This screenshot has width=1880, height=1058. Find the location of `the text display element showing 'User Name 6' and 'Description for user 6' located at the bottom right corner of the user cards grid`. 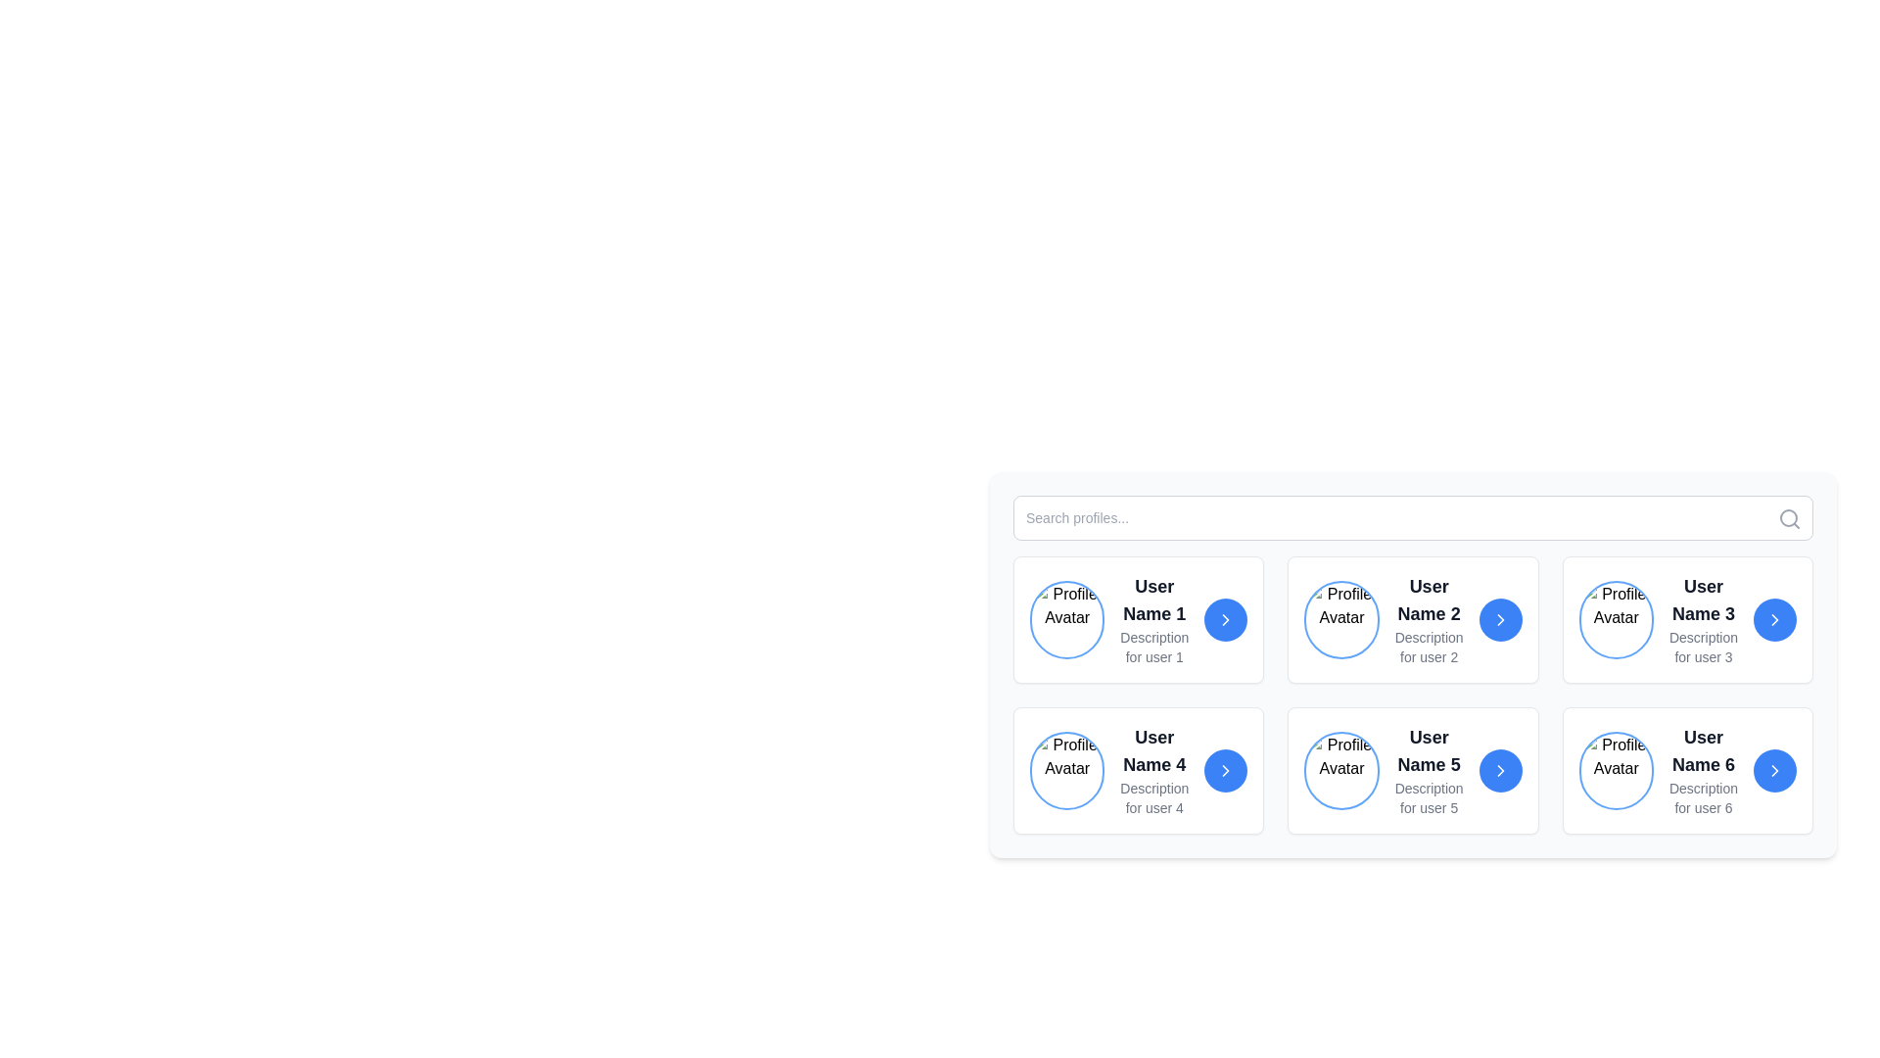

the text display element showing 'User Name 6' and 'Description for user 6' located at the bottom right corner of the user cards grid is located at coordinates (1702, 769).